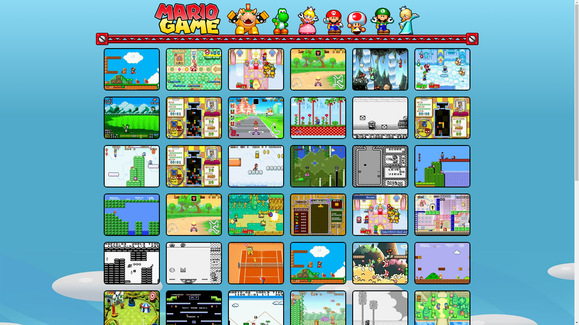 The image size is (579, 325). I want to click on 'Super Mario World (Hack)', so click(318, 262).